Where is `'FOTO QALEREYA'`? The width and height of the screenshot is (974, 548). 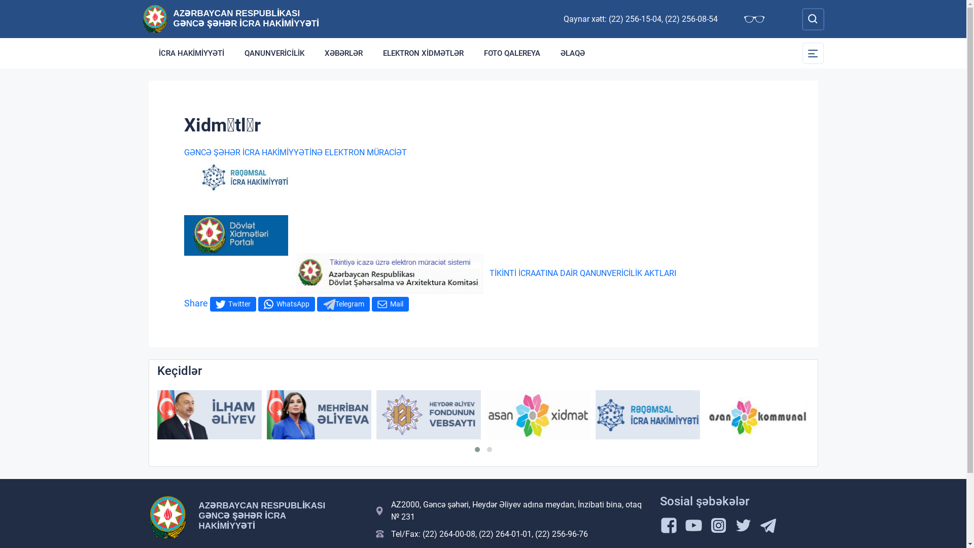 'FOTO QALEREYA' is located at coordinates (512, 53).